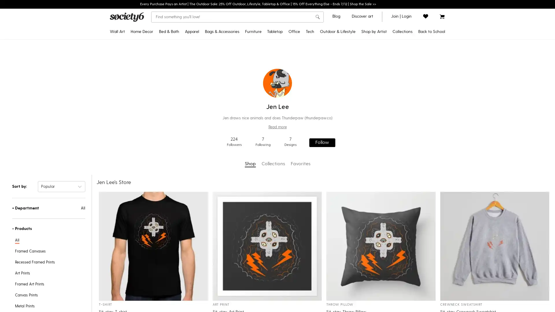  What do you see at coordinates (346, 93) in the screenshot?
I see `Outdoor Throw Pillows` at bounding box center [346, 93].